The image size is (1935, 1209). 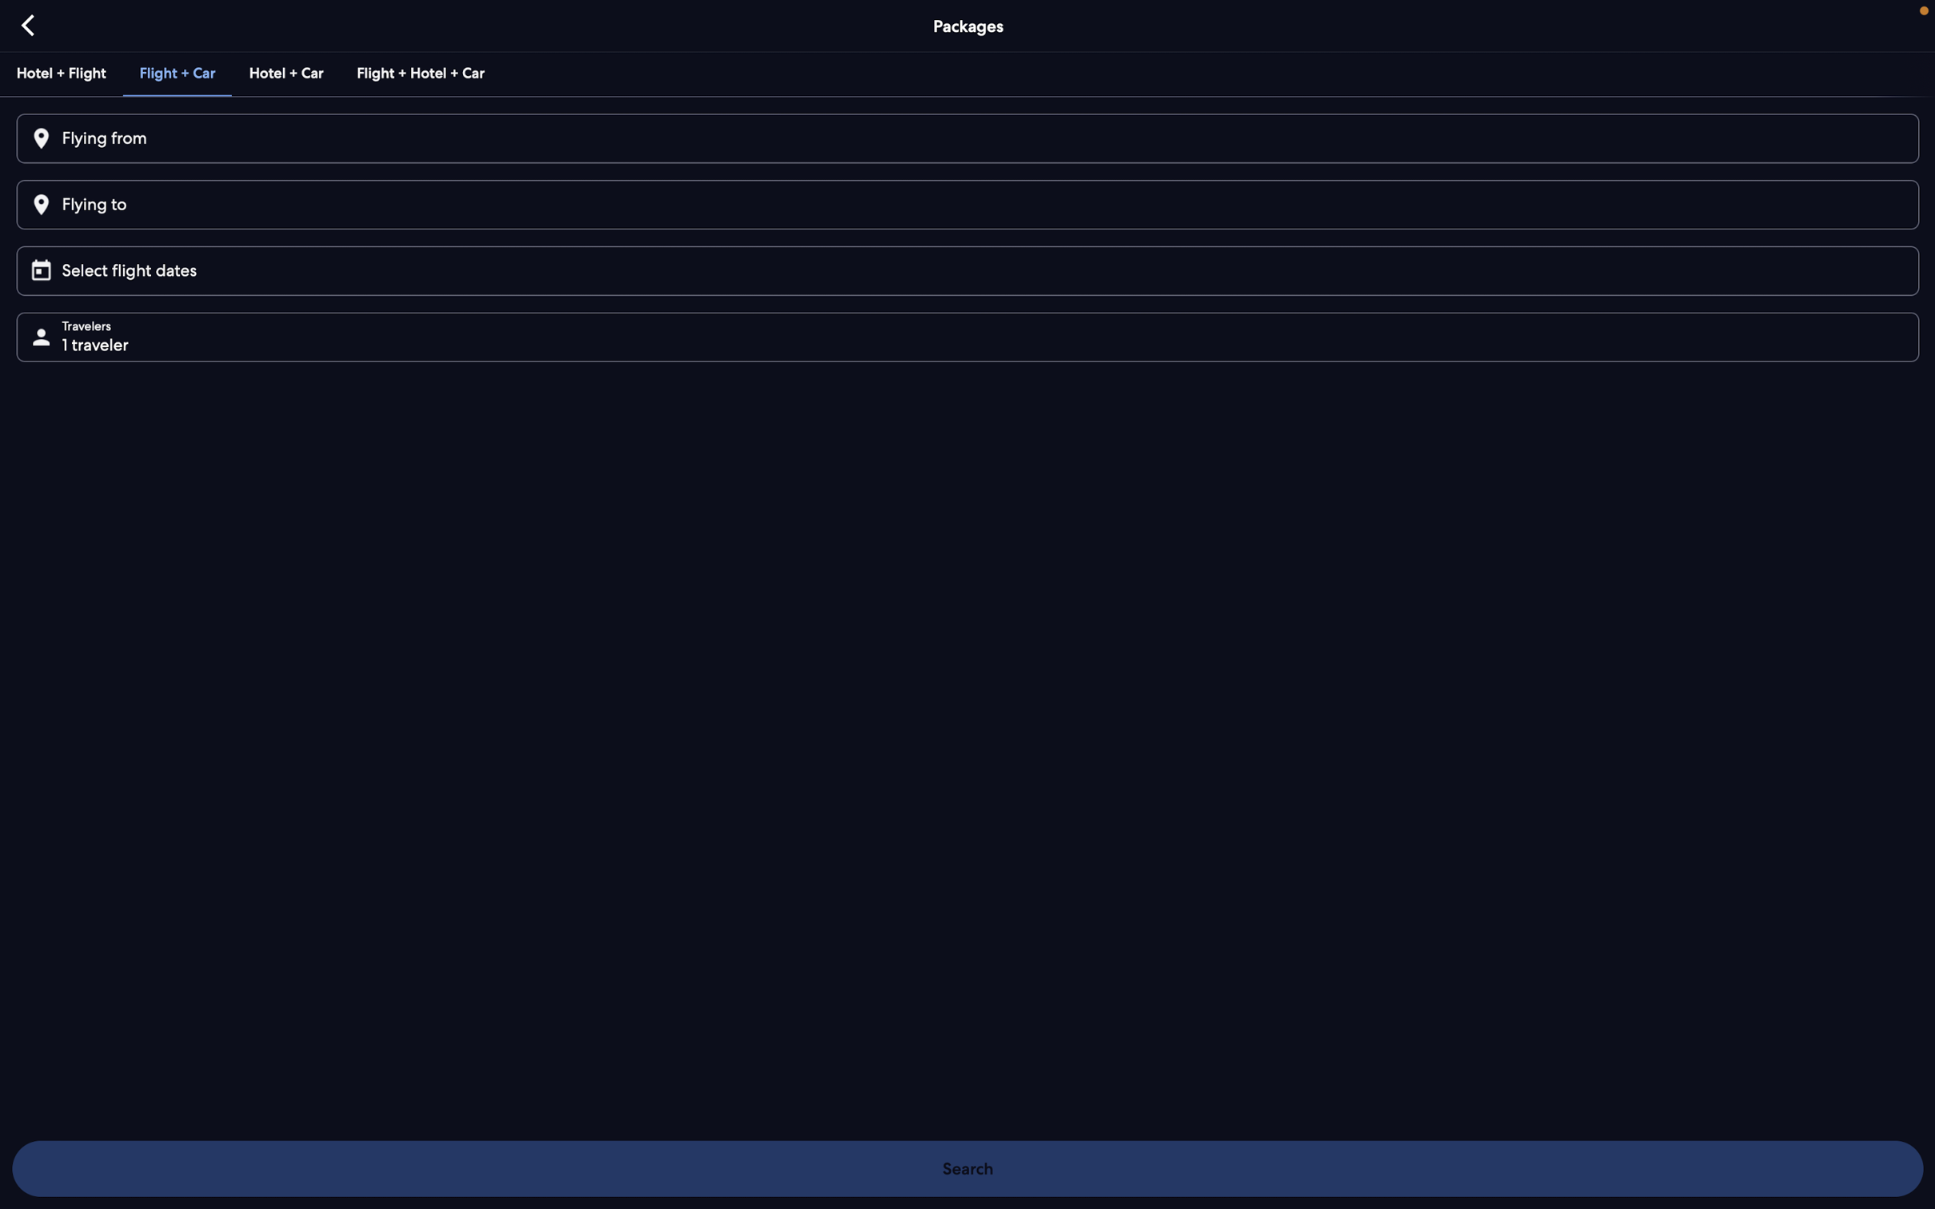 What do you see at coordinates (29, 24) in the screenshot?
I see `Go the previous page` at bounding box center [29, 24].